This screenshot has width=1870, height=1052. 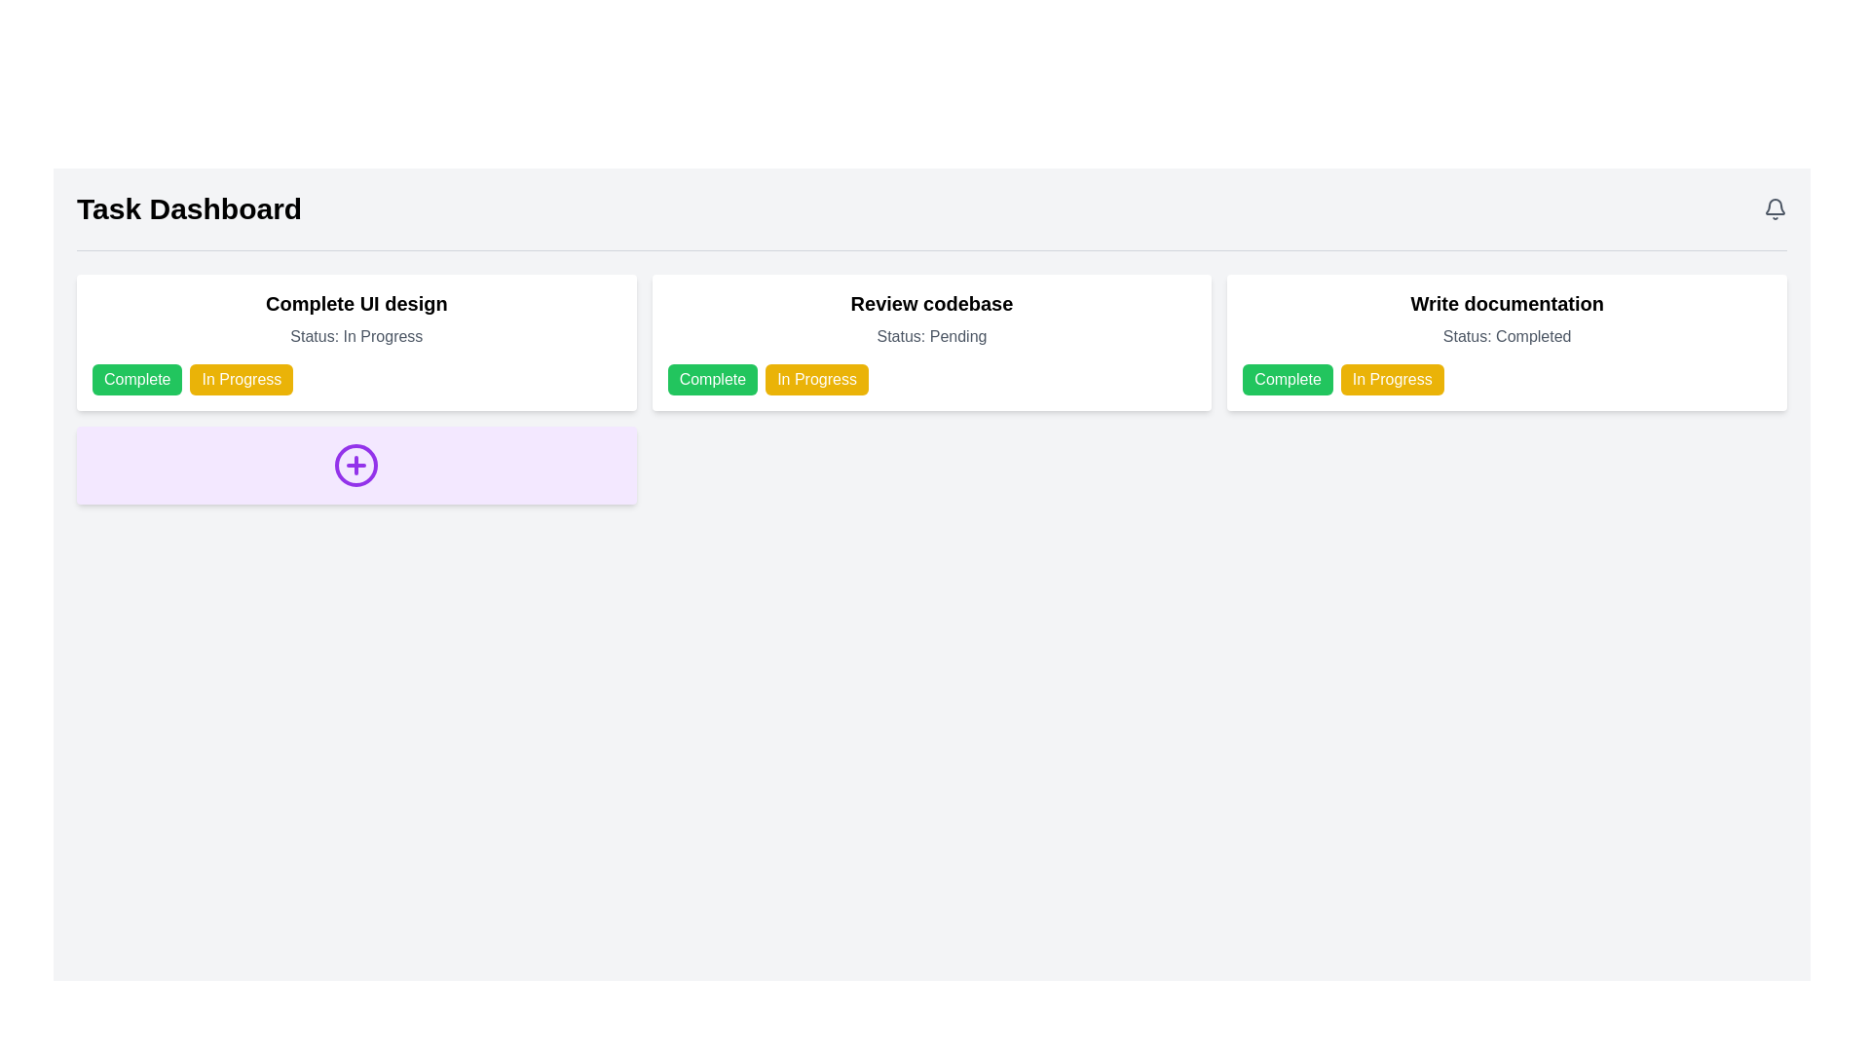 I want to click on the current status displayed in the informational text indicating 'Completed', located under the title 'Write documentation' in the rightmost task card, so click(x=1506, y=336).